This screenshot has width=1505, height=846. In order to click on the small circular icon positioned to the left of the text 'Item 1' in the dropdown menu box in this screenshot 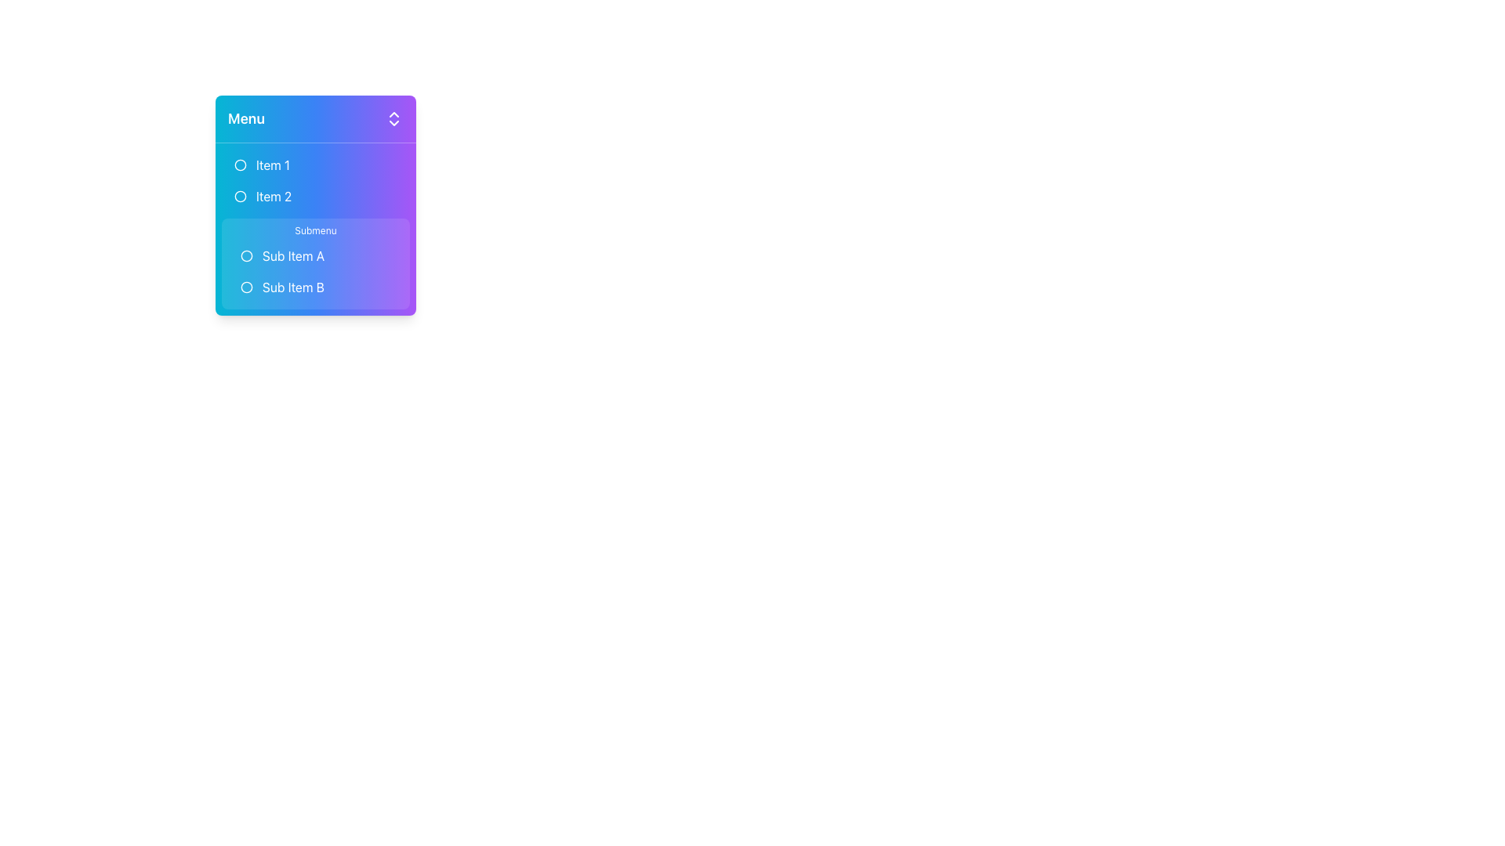, I will do `click(240, 165)`.